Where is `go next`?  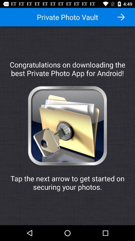
go next is located at coordinates (121, 17).